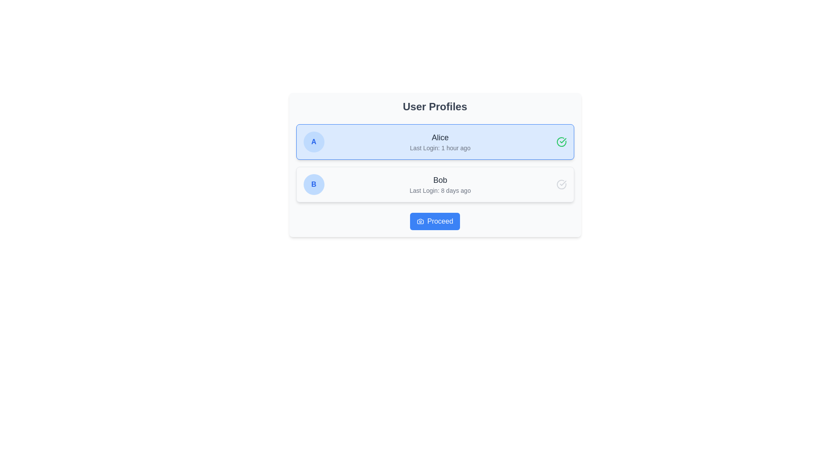  What do you see at coordinates (440, 180) in the screenshot?
I see `the static text label displaying the name 'Bob' in bold, which is located in the second user profile segment beneath the header for User B` at bounding box center [440, 180].